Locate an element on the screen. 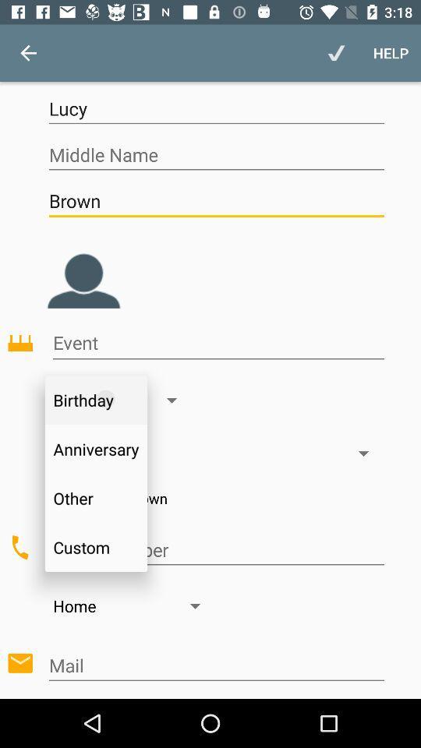 The width and height of the screenshot is (421, 748). item below home item is located at coordinates (215, 665).